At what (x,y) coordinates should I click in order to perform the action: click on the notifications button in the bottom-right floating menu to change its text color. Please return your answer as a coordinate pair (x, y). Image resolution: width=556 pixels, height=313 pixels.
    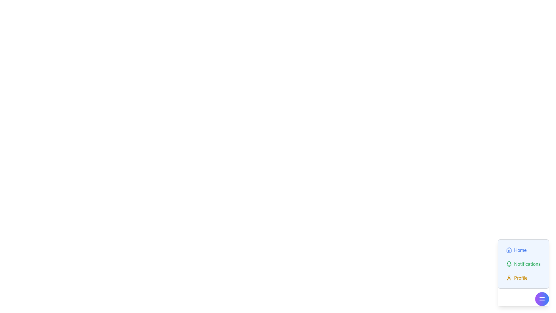
    Looking at the image, I should click on (523, 264).